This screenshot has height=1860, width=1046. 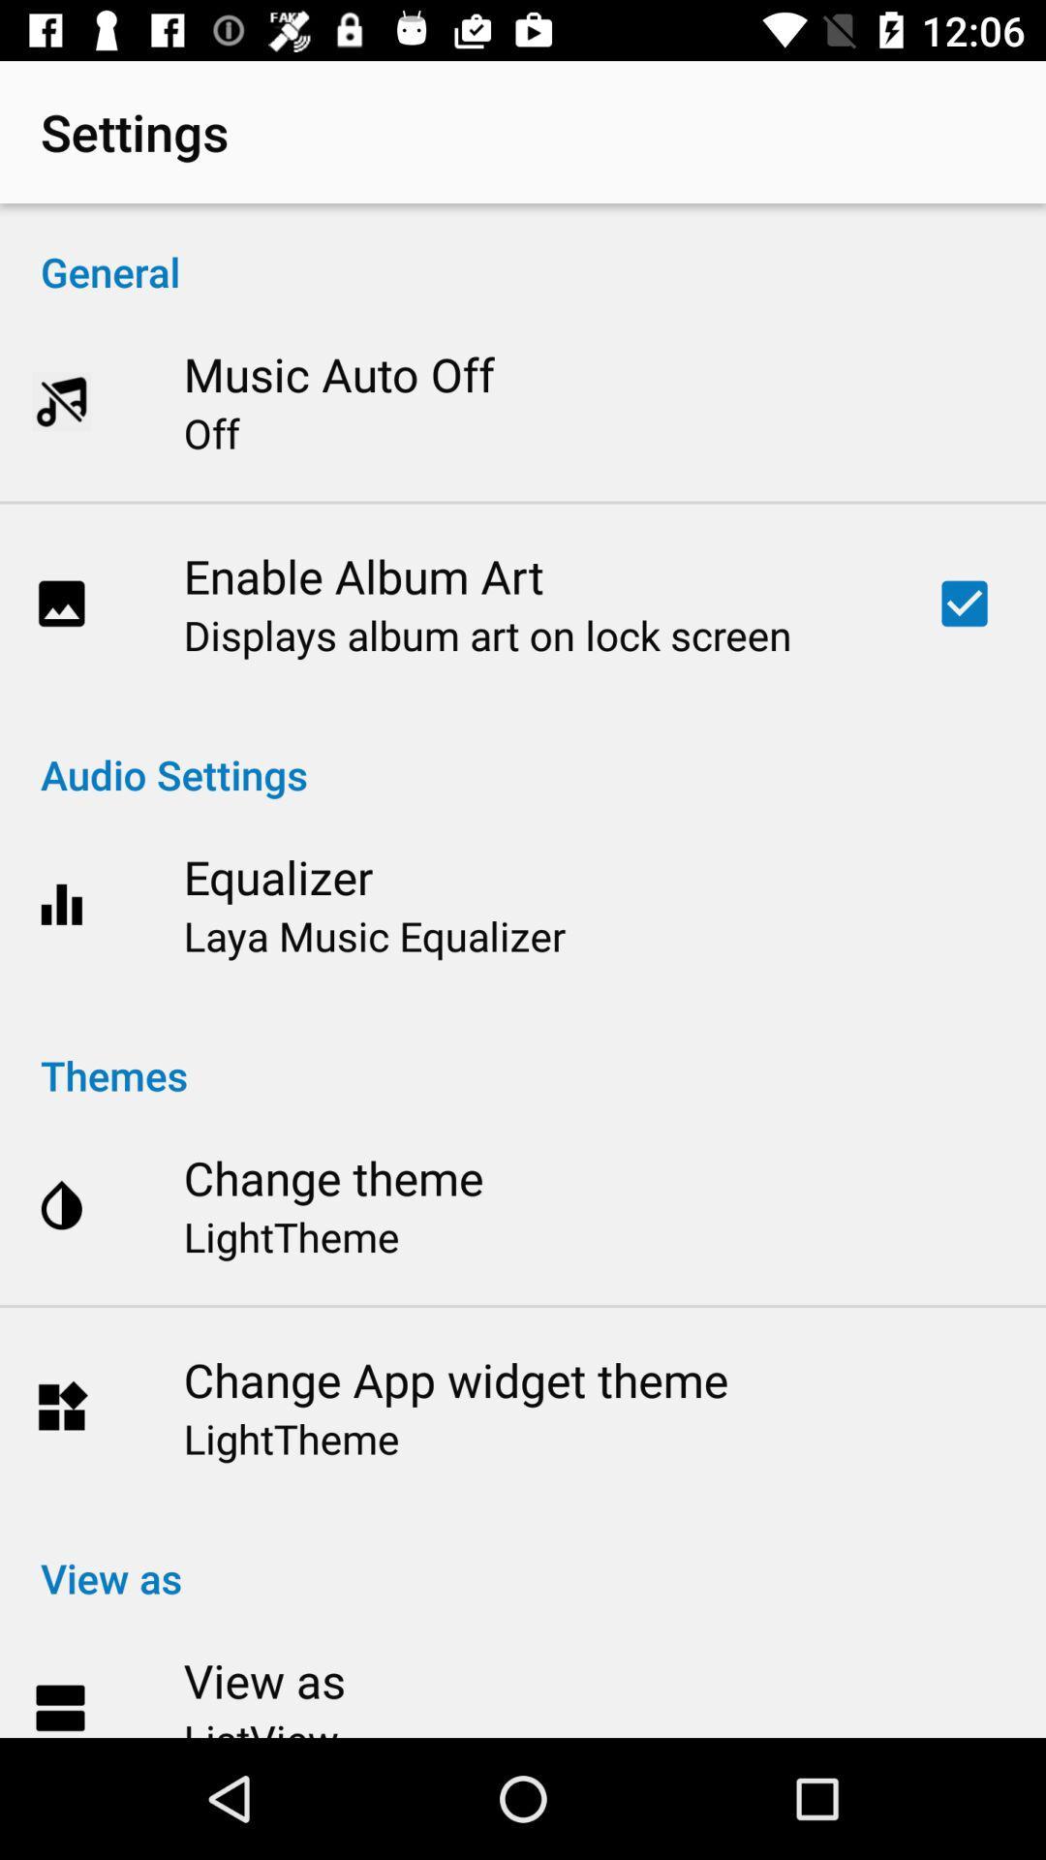 I want to click on the icon below the general icon, so click(x=338, y=374).